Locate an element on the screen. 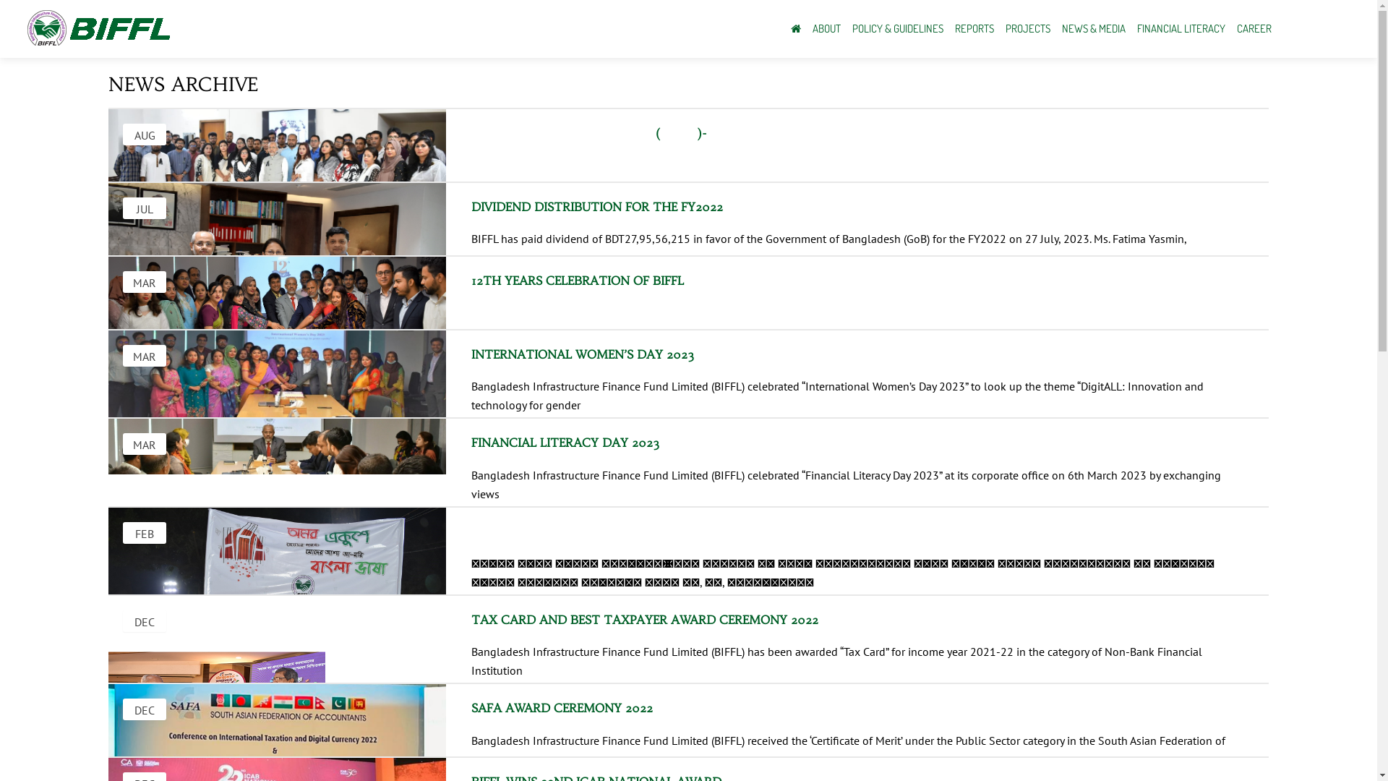 This screenshot has height=781, width=1388. 'NEWS & MEDIA' is located at coordinates (1093, 28).